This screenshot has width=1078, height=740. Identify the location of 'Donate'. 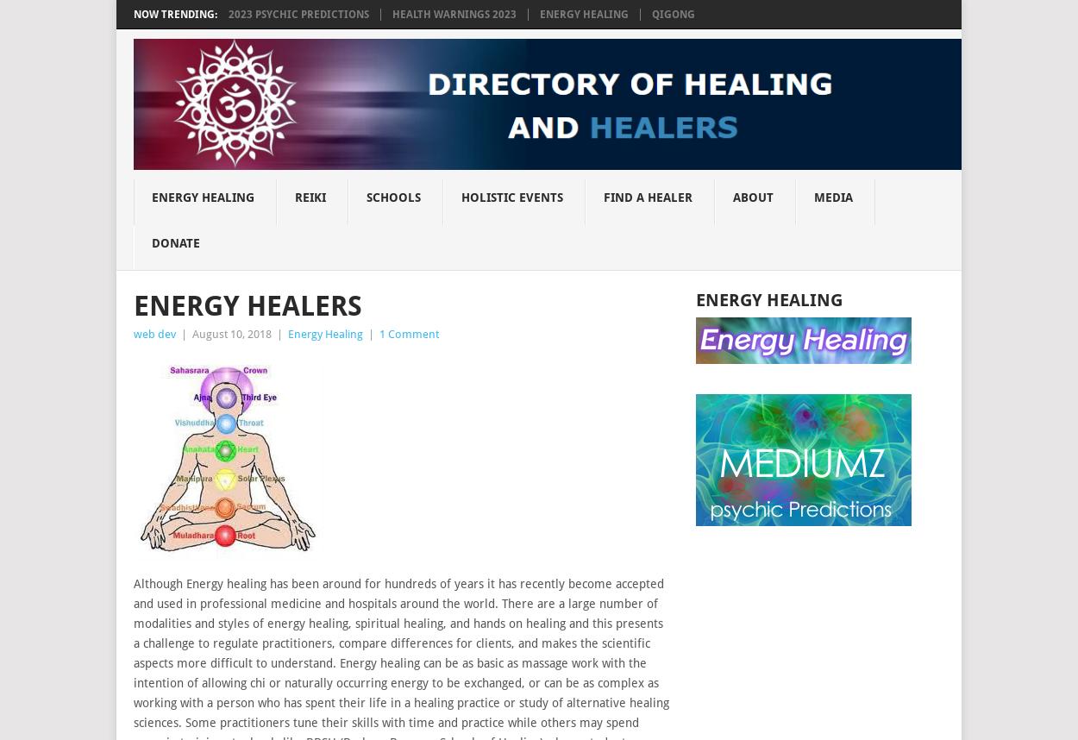
(174, 241).